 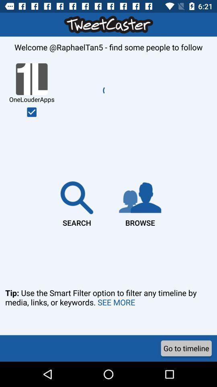 I want to click on icon below onelouderapps icon, so click(x=31, y=112).